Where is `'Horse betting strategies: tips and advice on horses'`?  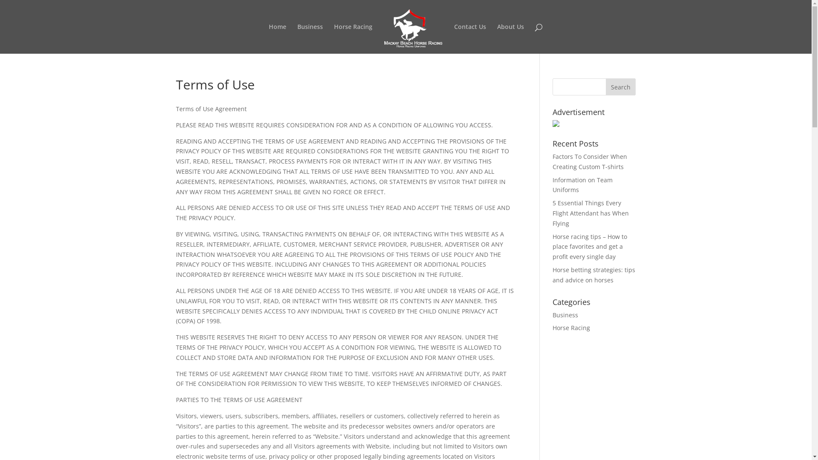
'Horse betting strategies: tips and advice on horses' is located at coordinates (593, 275).